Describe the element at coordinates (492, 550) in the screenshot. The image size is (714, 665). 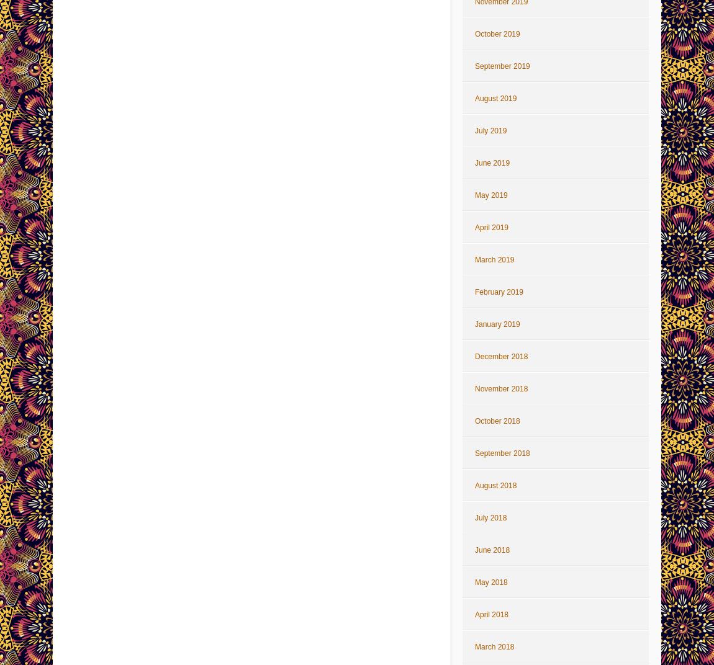
I see `'June 2018'` at that location.